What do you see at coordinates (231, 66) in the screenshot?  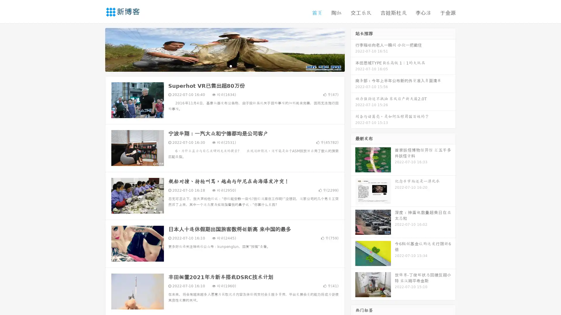 I see `Go to slide 3` at bounding box center [231, 66].